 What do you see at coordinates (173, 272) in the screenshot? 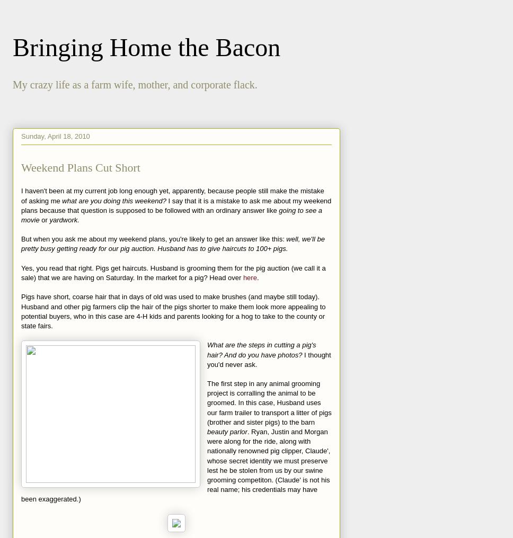
I see `'Yes, you read that right. Pigs get haircuts. Husband is grooming them for the pig auction (we call it a sale) that we are having on Saturday. In the market for a pig? Head over'` at bounding box center [173, 272].